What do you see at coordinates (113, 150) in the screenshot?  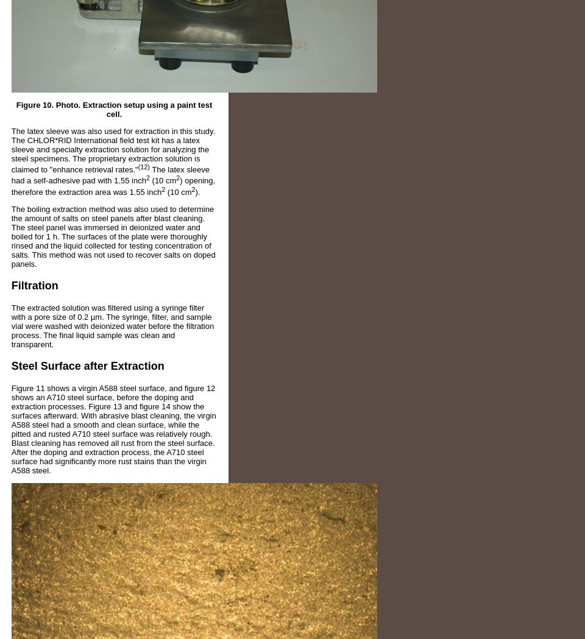 I see `'The latex sleeve was also used for extraction in this study. The CHLOR*RID International field test kit has a latex sleeve and specialty extraction solution for analyzing the steel specimens. The proprietary extraction solution is claimed to "enhance retrieval rates."'` at bounding box center [113, 150].